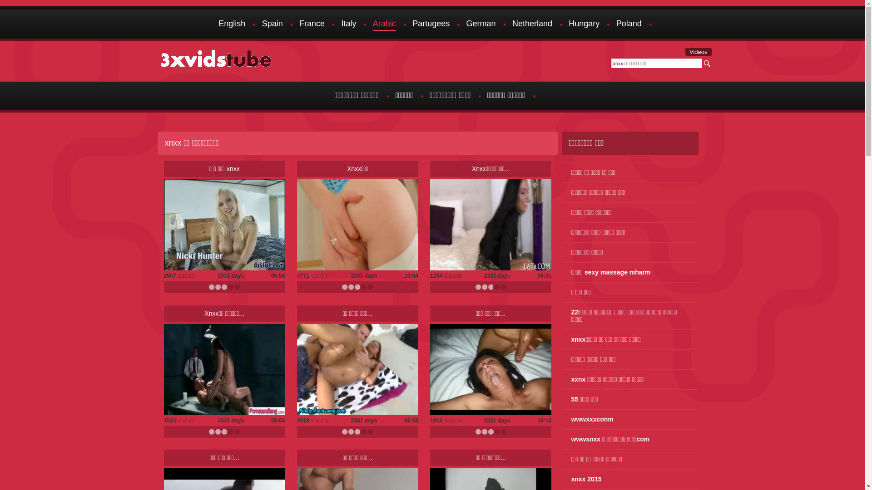 This screenshot has height=490, width=872. Describe the element at coordinates (466, 24) in the screenshot. I see `'German'` at that location.